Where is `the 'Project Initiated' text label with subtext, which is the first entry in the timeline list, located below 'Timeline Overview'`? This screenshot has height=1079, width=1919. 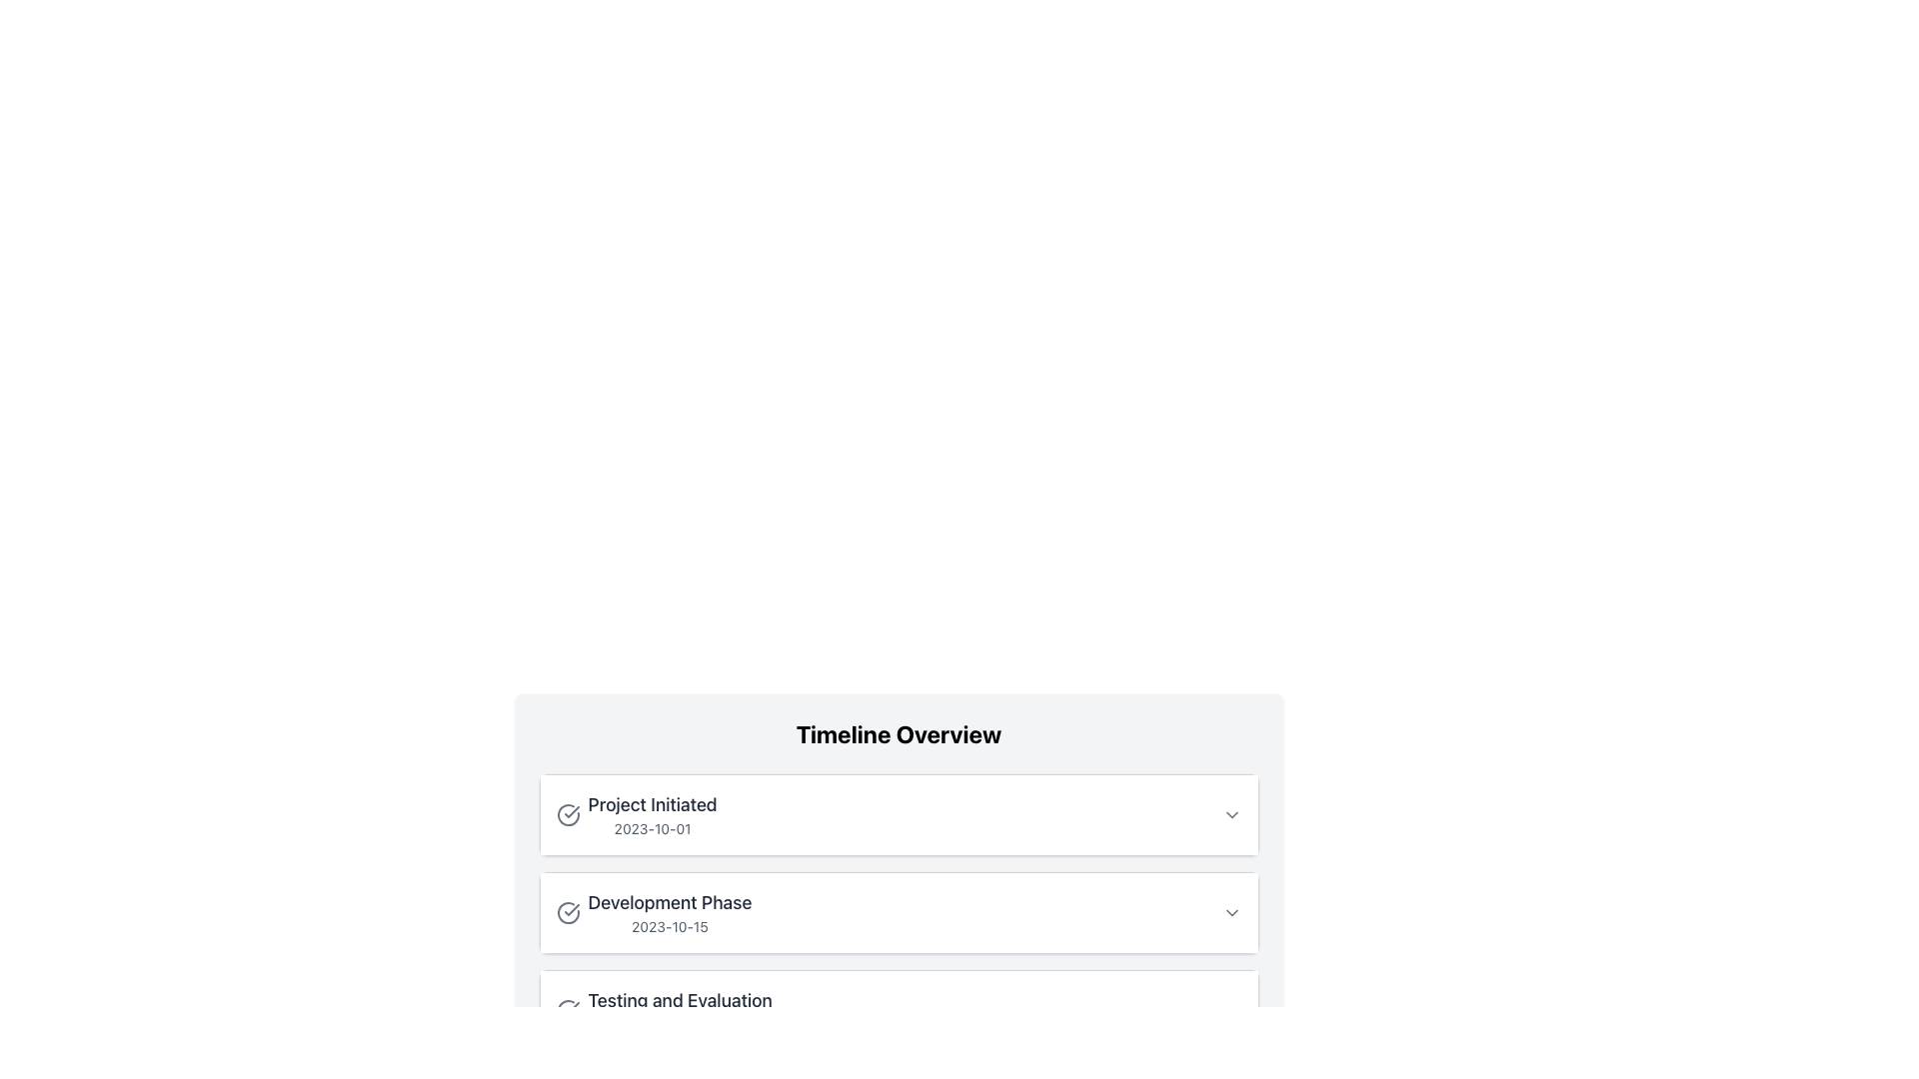
the 'Project Initiated' text label with subtext, which is the first entry in the timeline list, located below 'Timeline Overview' is located at coordinates (652, 815).